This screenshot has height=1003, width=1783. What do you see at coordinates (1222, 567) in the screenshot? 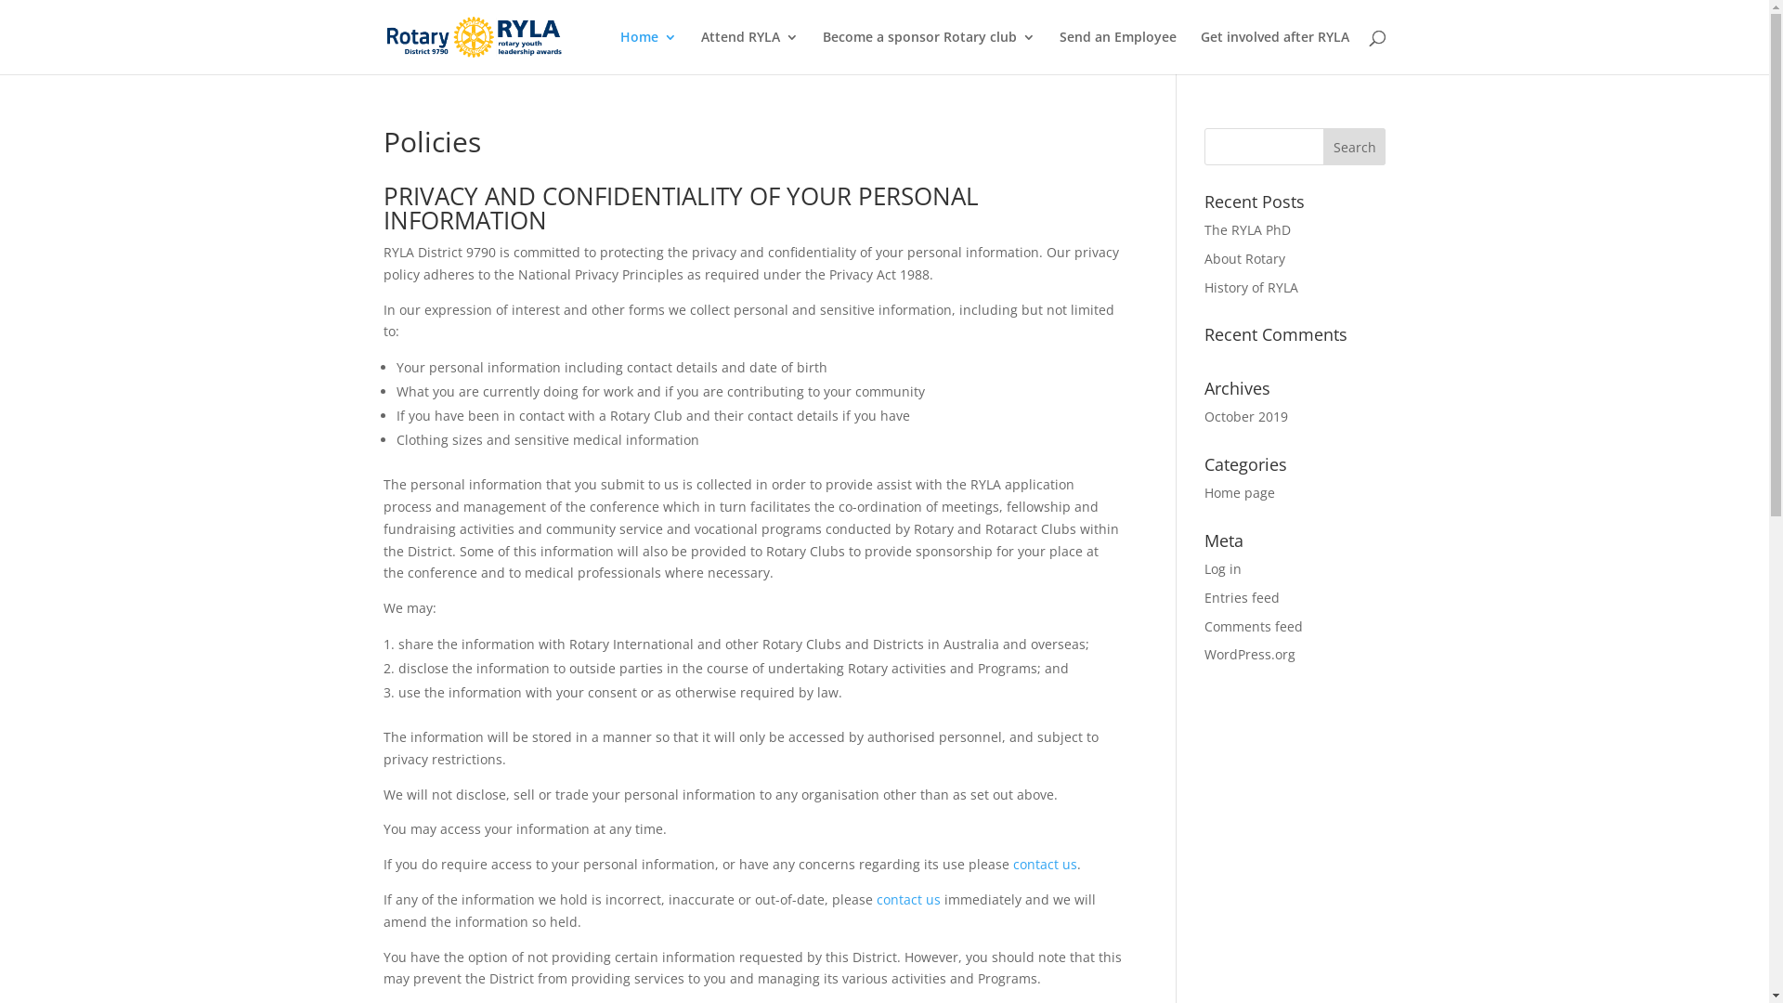
I see `'Log in'` at bounding box center [1222, 567].